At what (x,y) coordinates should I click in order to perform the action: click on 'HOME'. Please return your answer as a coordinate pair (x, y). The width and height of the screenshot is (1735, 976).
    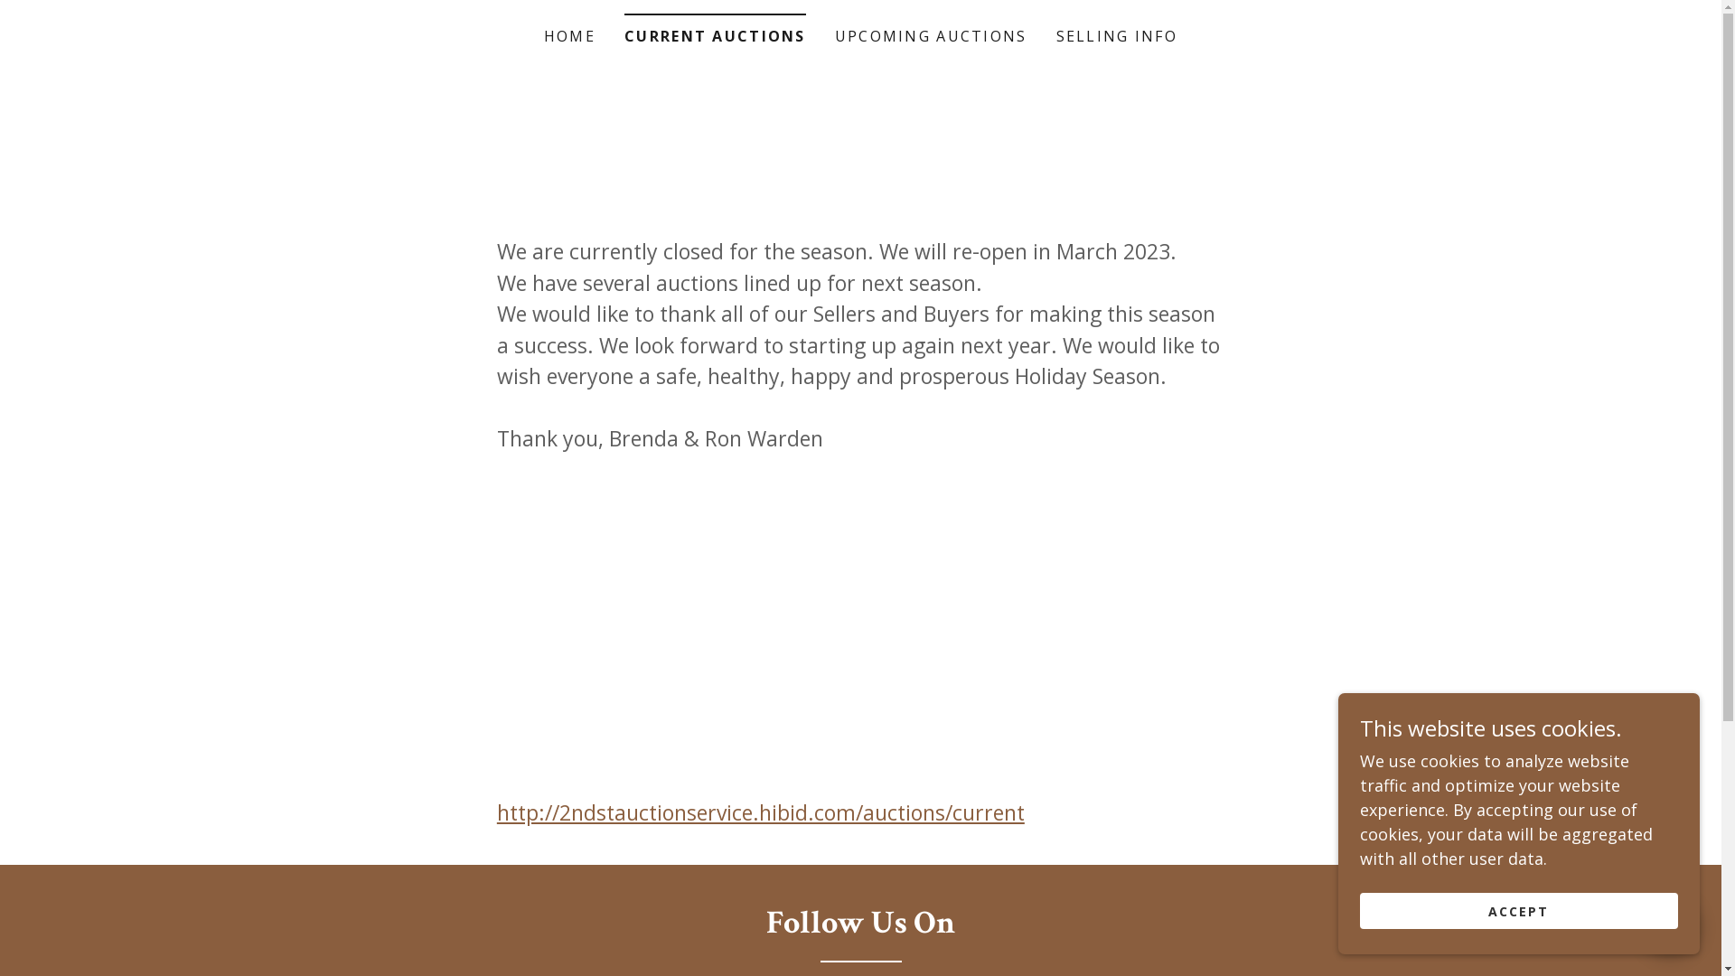
    Looking at the image, I should click on (568, 35).